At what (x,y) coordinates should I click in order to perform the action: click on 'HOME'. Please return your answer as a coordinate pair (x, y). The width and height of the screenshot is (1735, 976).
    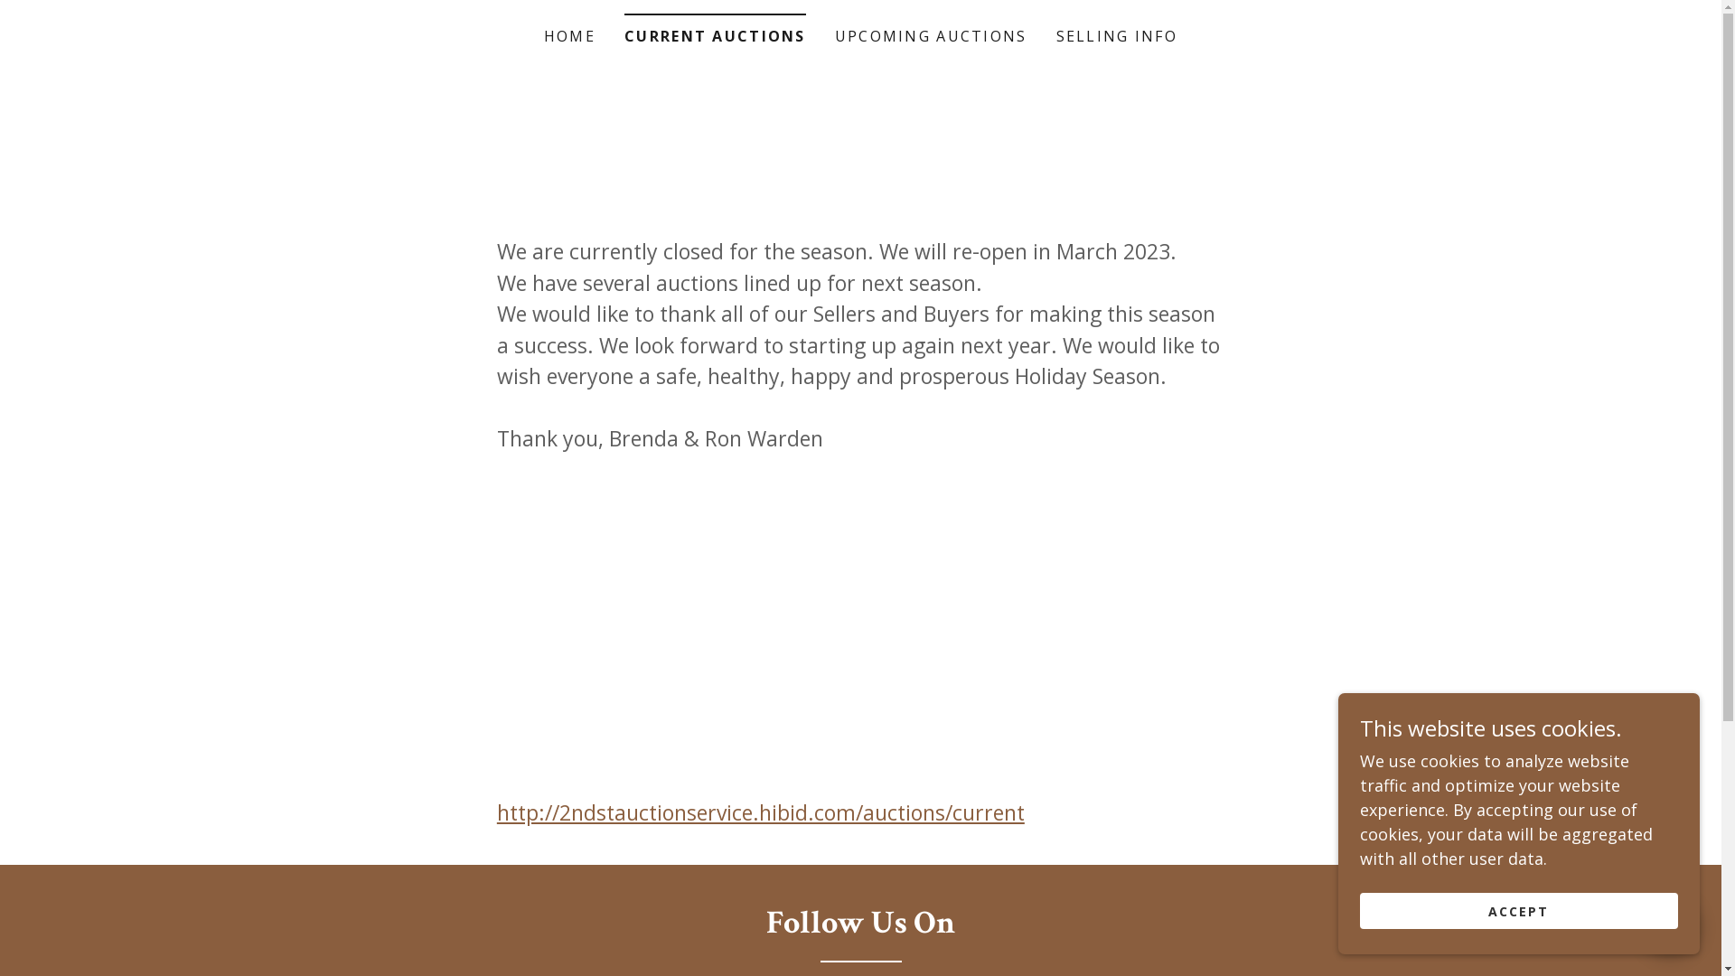
    Looking at the image, I should click on (568, 35).